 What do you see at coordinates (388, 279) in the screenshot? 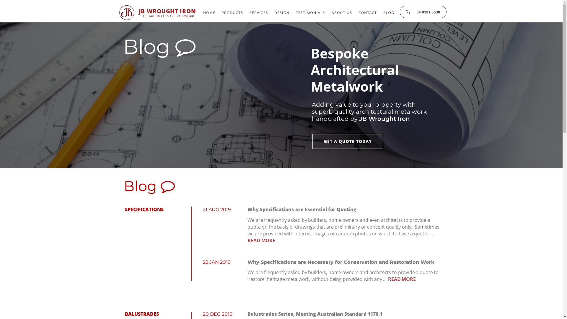
I see `'READ MORE'` at bounding box center [388, 279].